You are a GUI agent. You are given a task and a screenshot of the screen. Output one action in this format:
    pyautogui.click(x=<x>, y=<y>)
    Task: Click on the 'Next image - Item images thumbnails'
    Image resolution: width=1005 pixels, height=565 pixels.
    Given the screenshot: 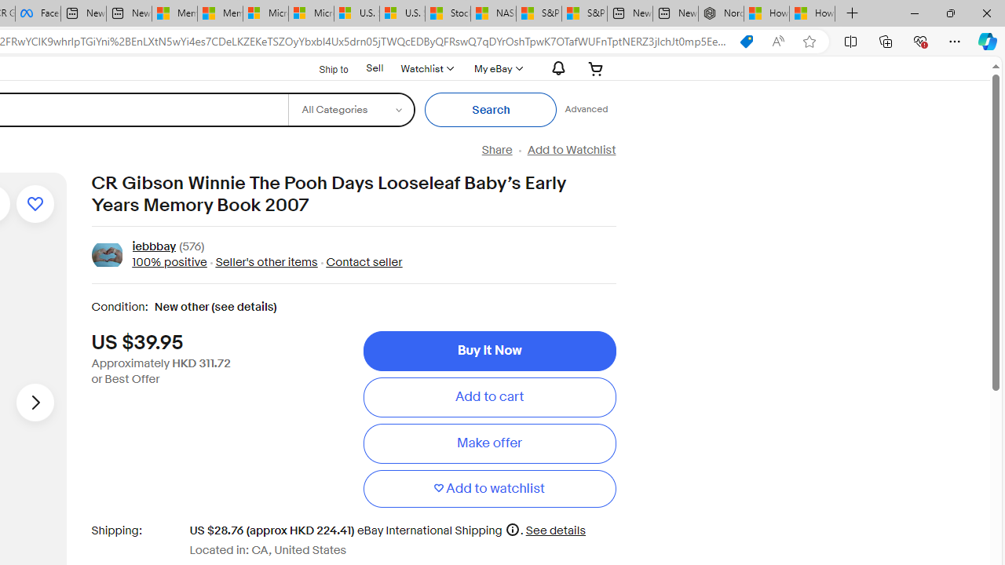 What is the action you would take?
    pyautogui.click(x=35, y=401)
    